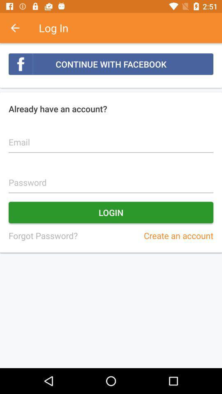 This screenshot has width=222, height=394. Describe the element at coordinates (111, 137) in the screenshot. I see `e-mail address` at that location.